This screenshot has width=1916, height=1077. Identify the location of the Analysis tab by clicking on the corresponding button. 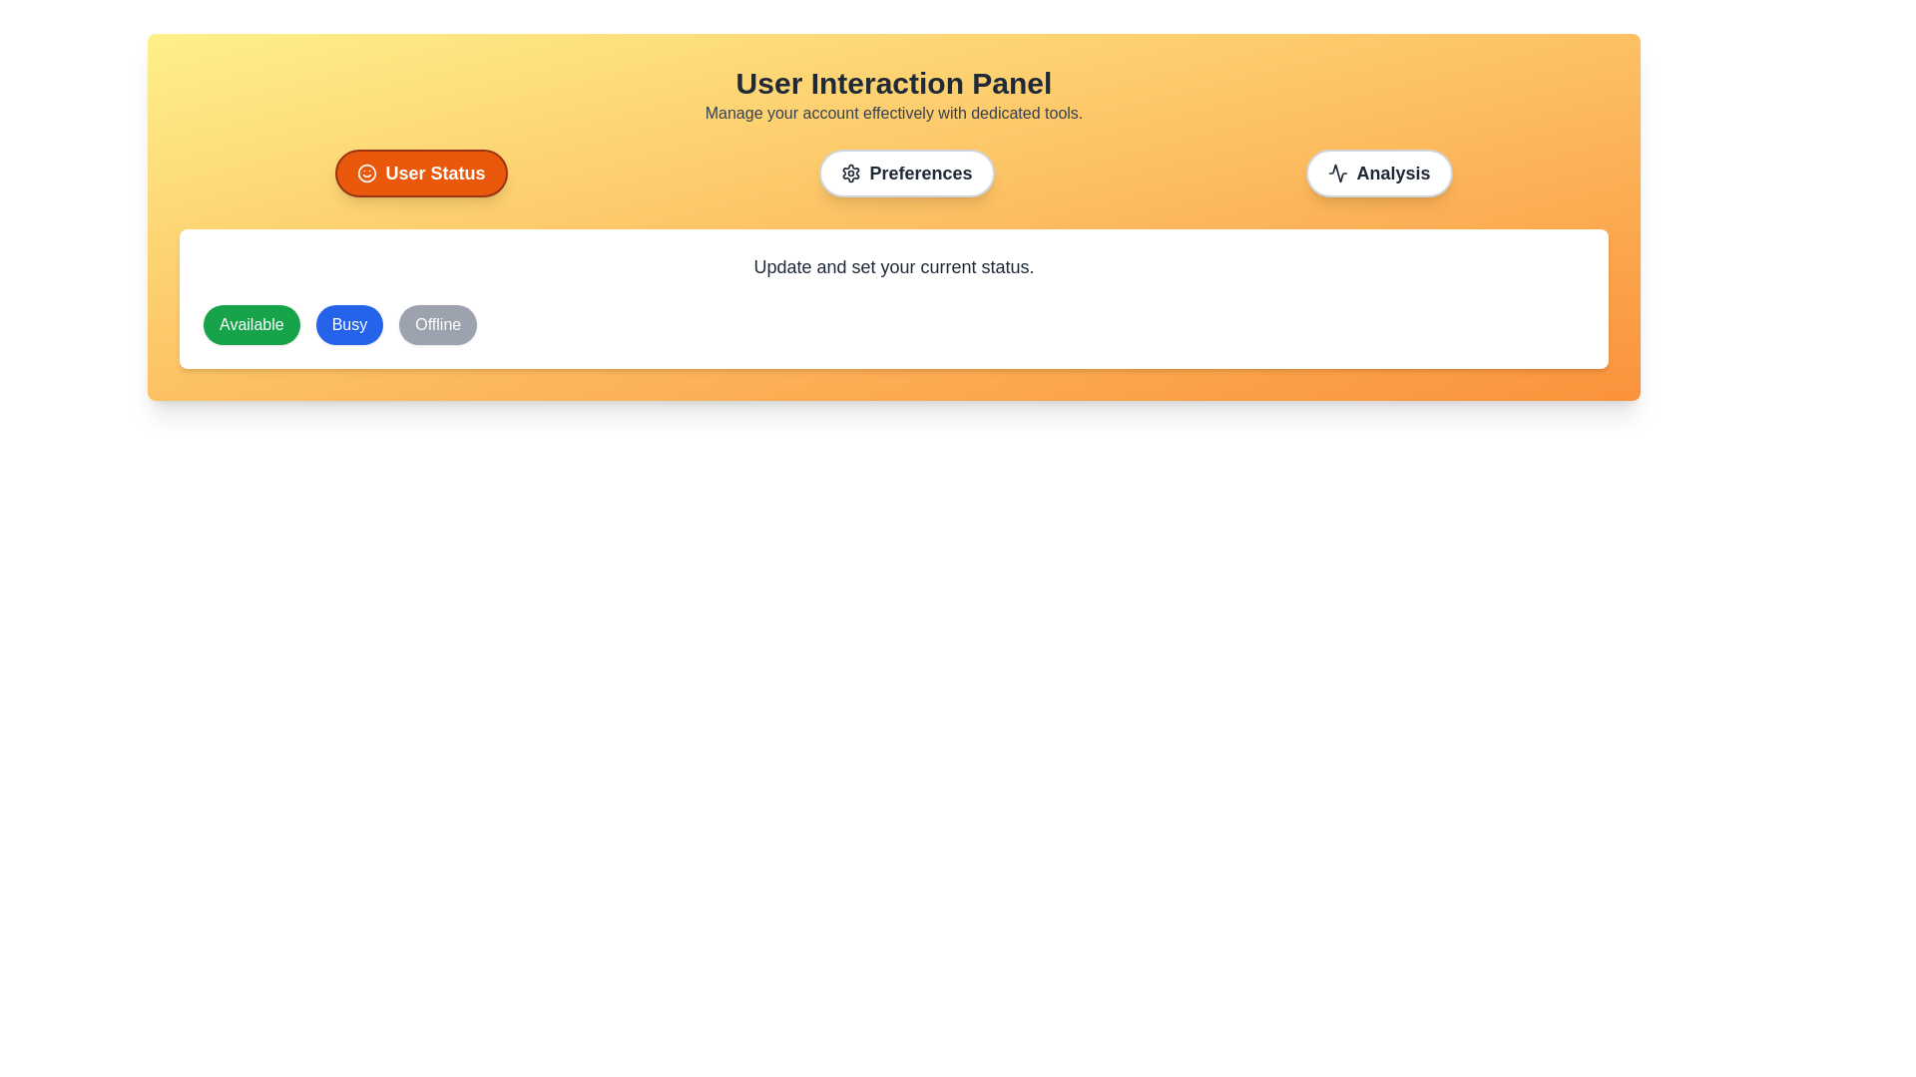
(1378, 172).